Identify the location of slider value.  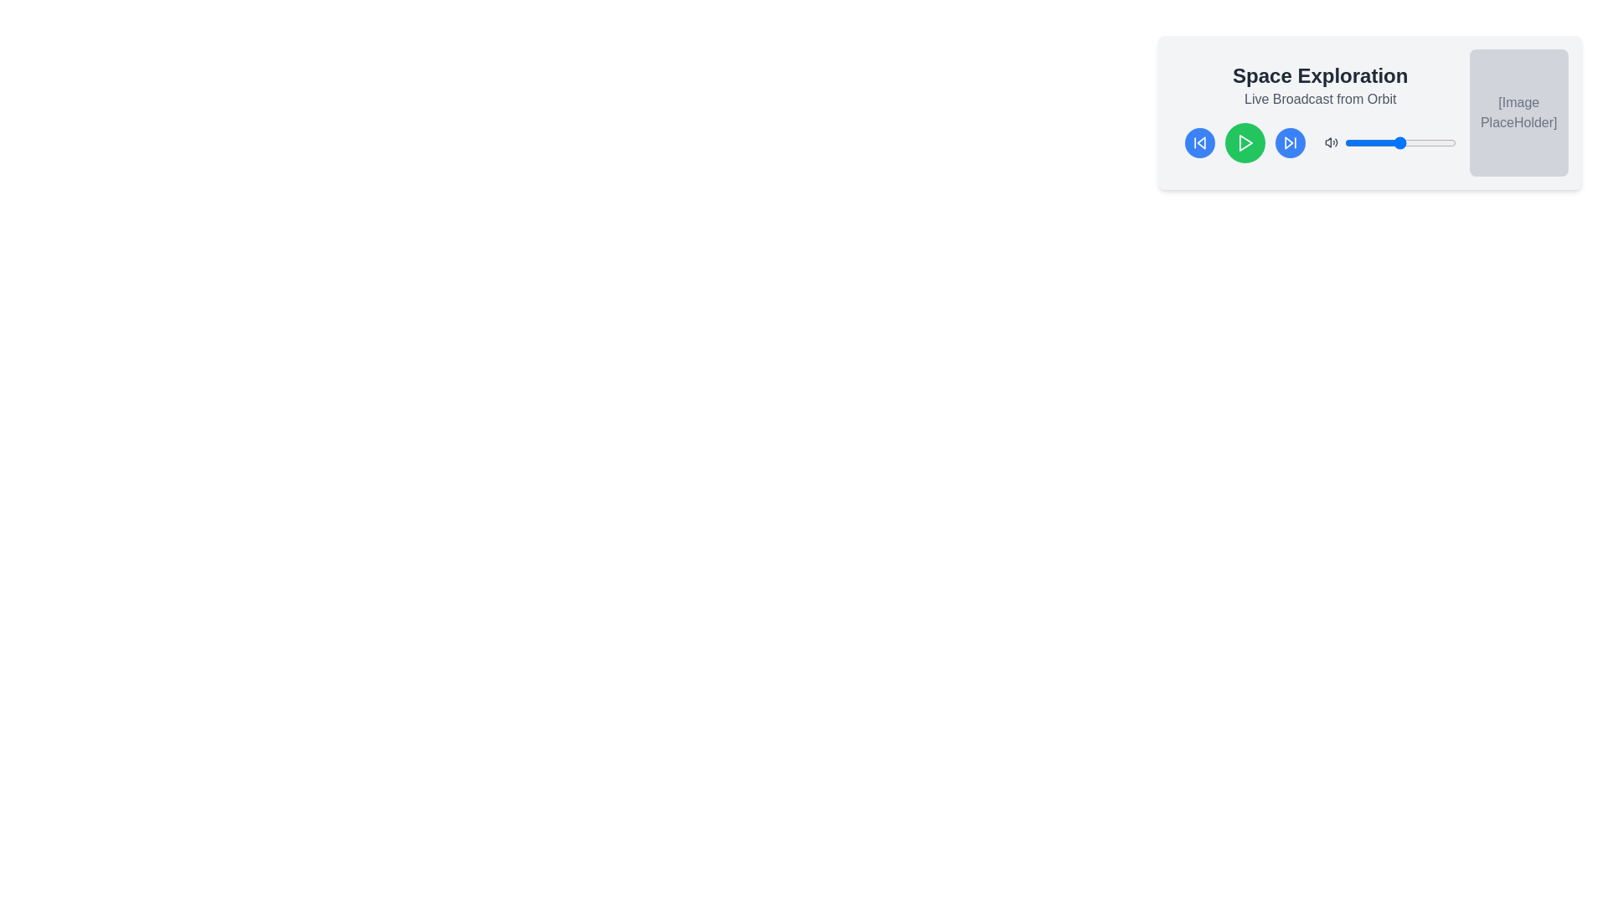
(1395, 141).